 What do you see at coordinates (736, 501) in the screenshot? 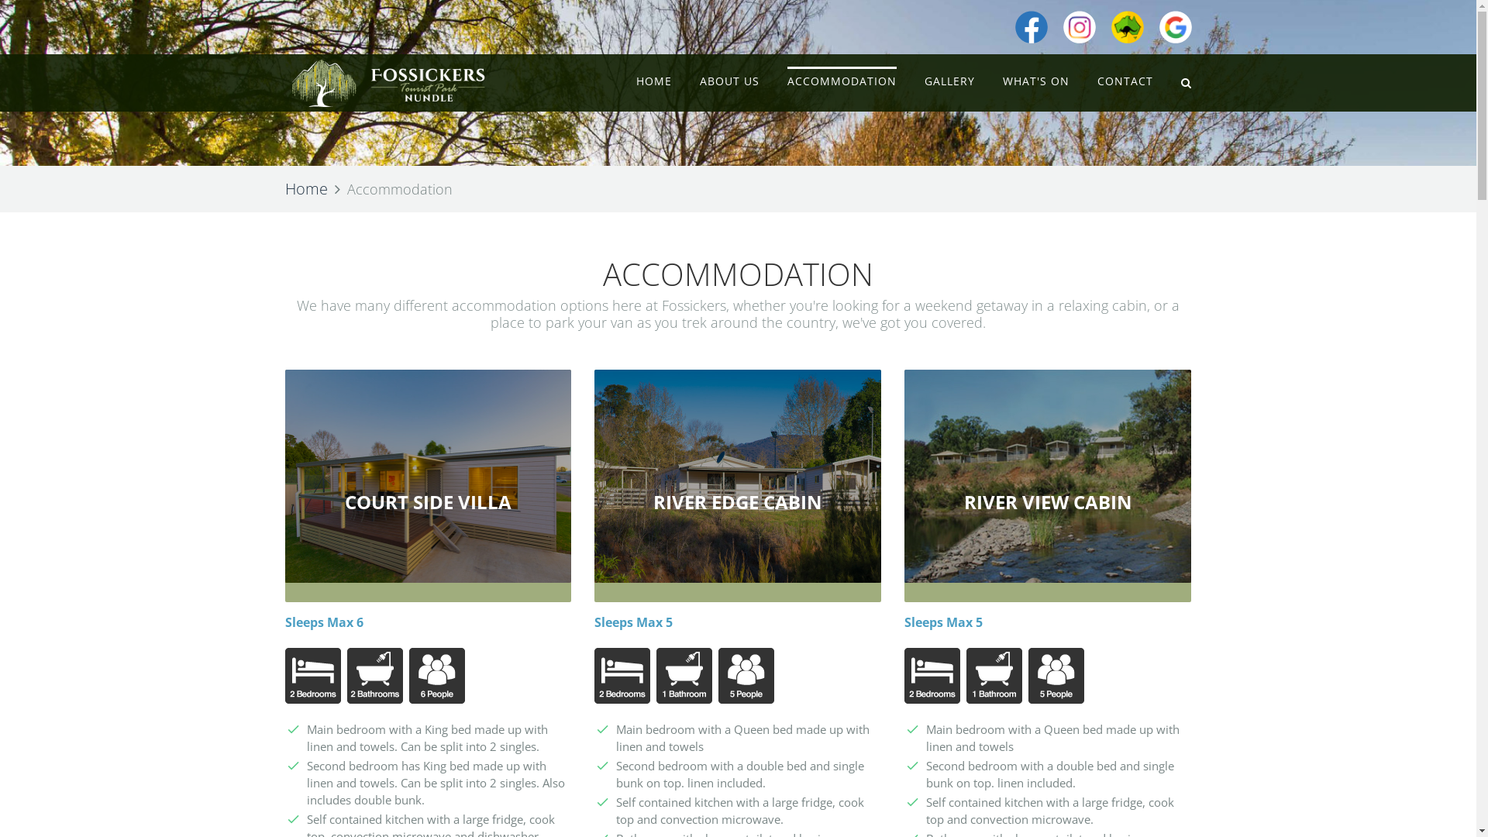
I see `'RIVER EDGE CABIN'` at bounding box center [736, 501].